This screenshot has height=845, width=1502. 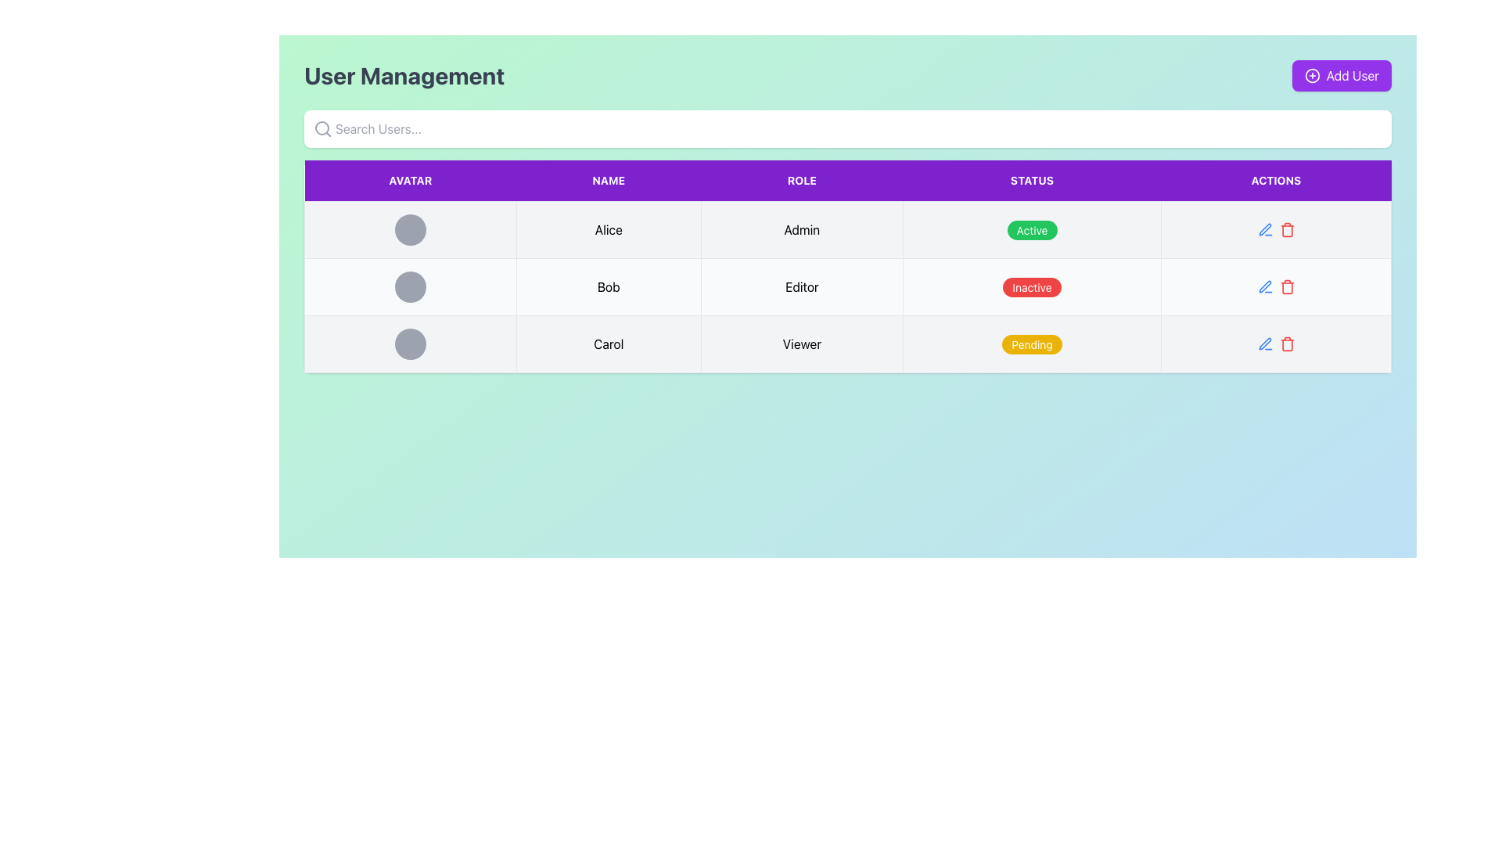 What do you see at coordinates (802, 229) in the screenshot?
I see `the 'Admin' text label indicating the role of user 'Alice' in the user management table, located in the second column under the 'ROLE' header` at bounding box center [802, 229].